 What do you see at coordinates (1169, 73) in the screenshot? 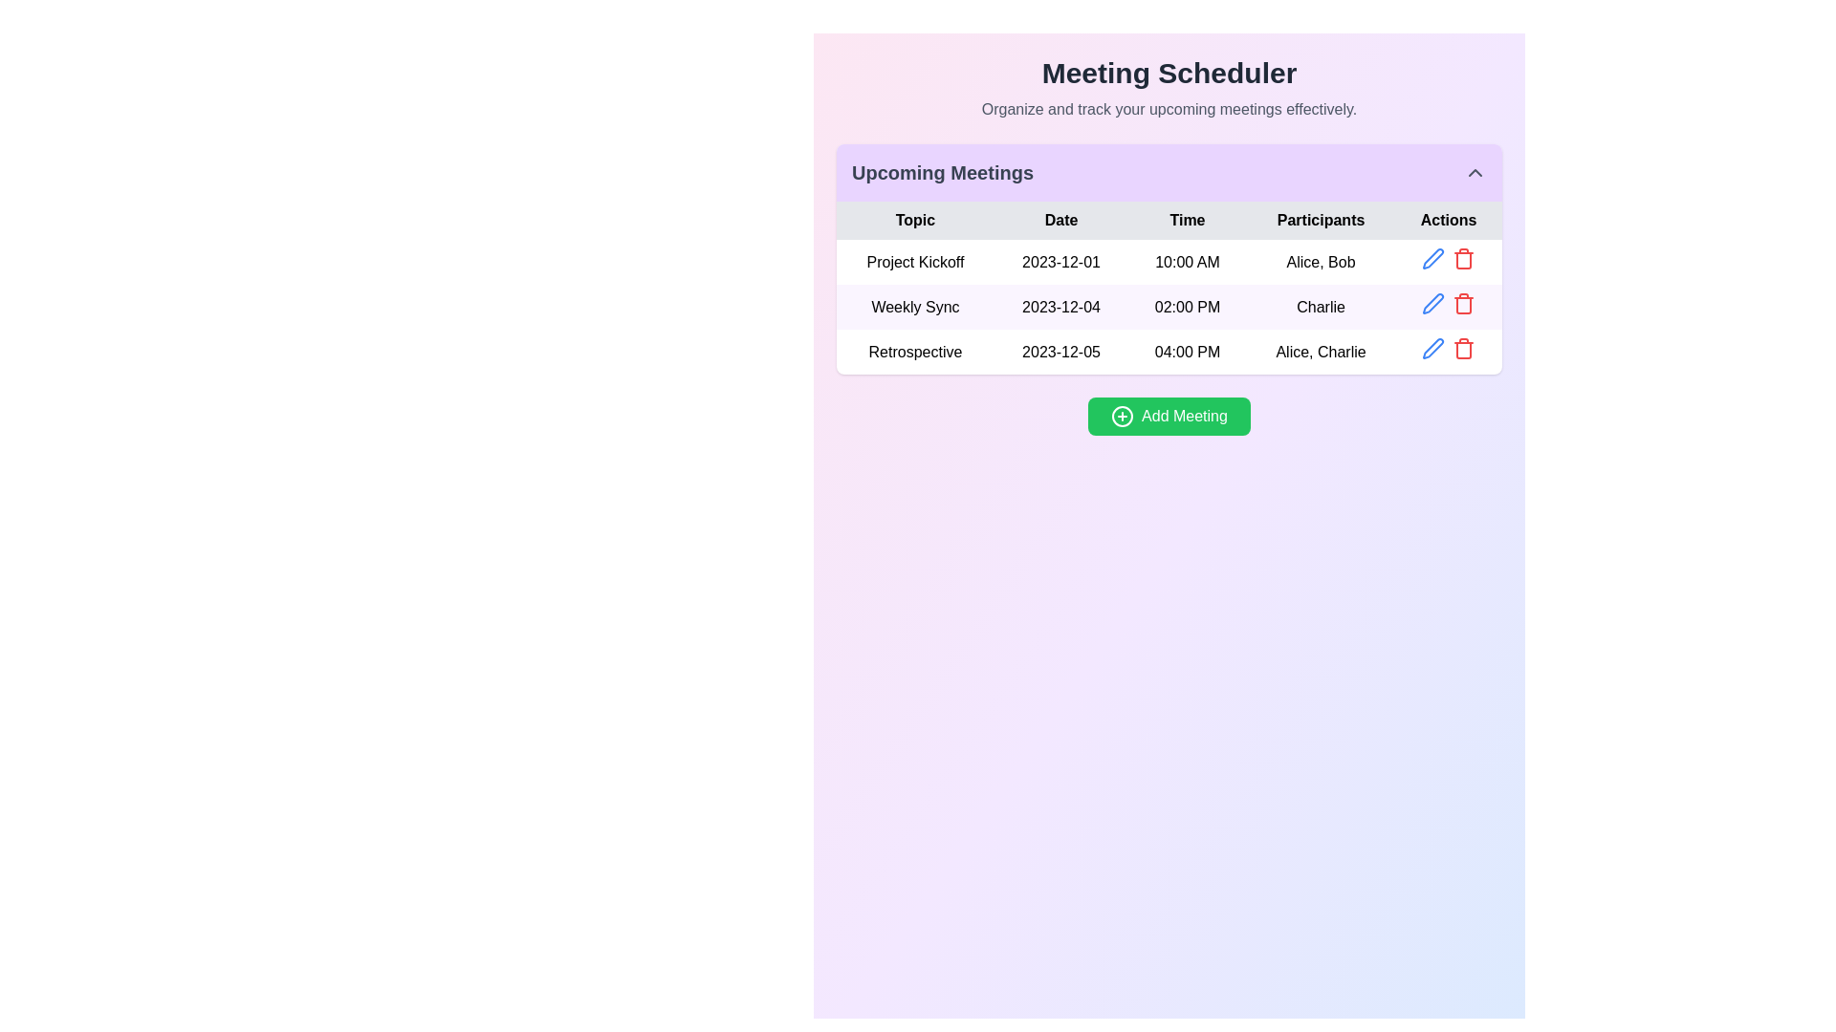
I see `the bold, large-sized text component that reads 'Meeting Scheduler' located at the top-center of the interface` at bounding box center [1169, 73].